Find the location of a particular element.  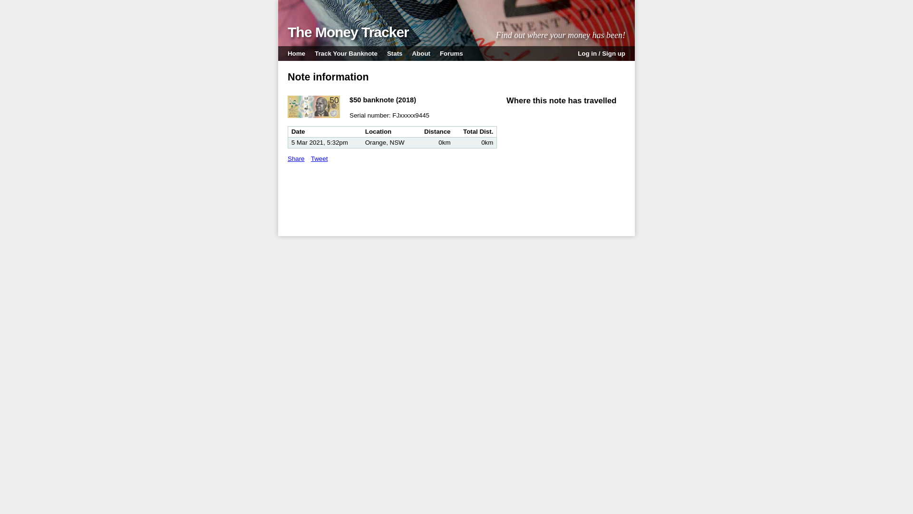

'Forums' is located at coordinates (451, 53).